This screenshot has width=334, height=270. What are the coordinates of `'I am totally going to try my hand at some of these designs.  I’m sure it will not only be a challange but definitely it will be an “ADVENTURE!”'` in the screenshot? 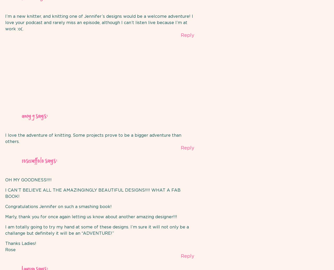 It's located at (5, 230).